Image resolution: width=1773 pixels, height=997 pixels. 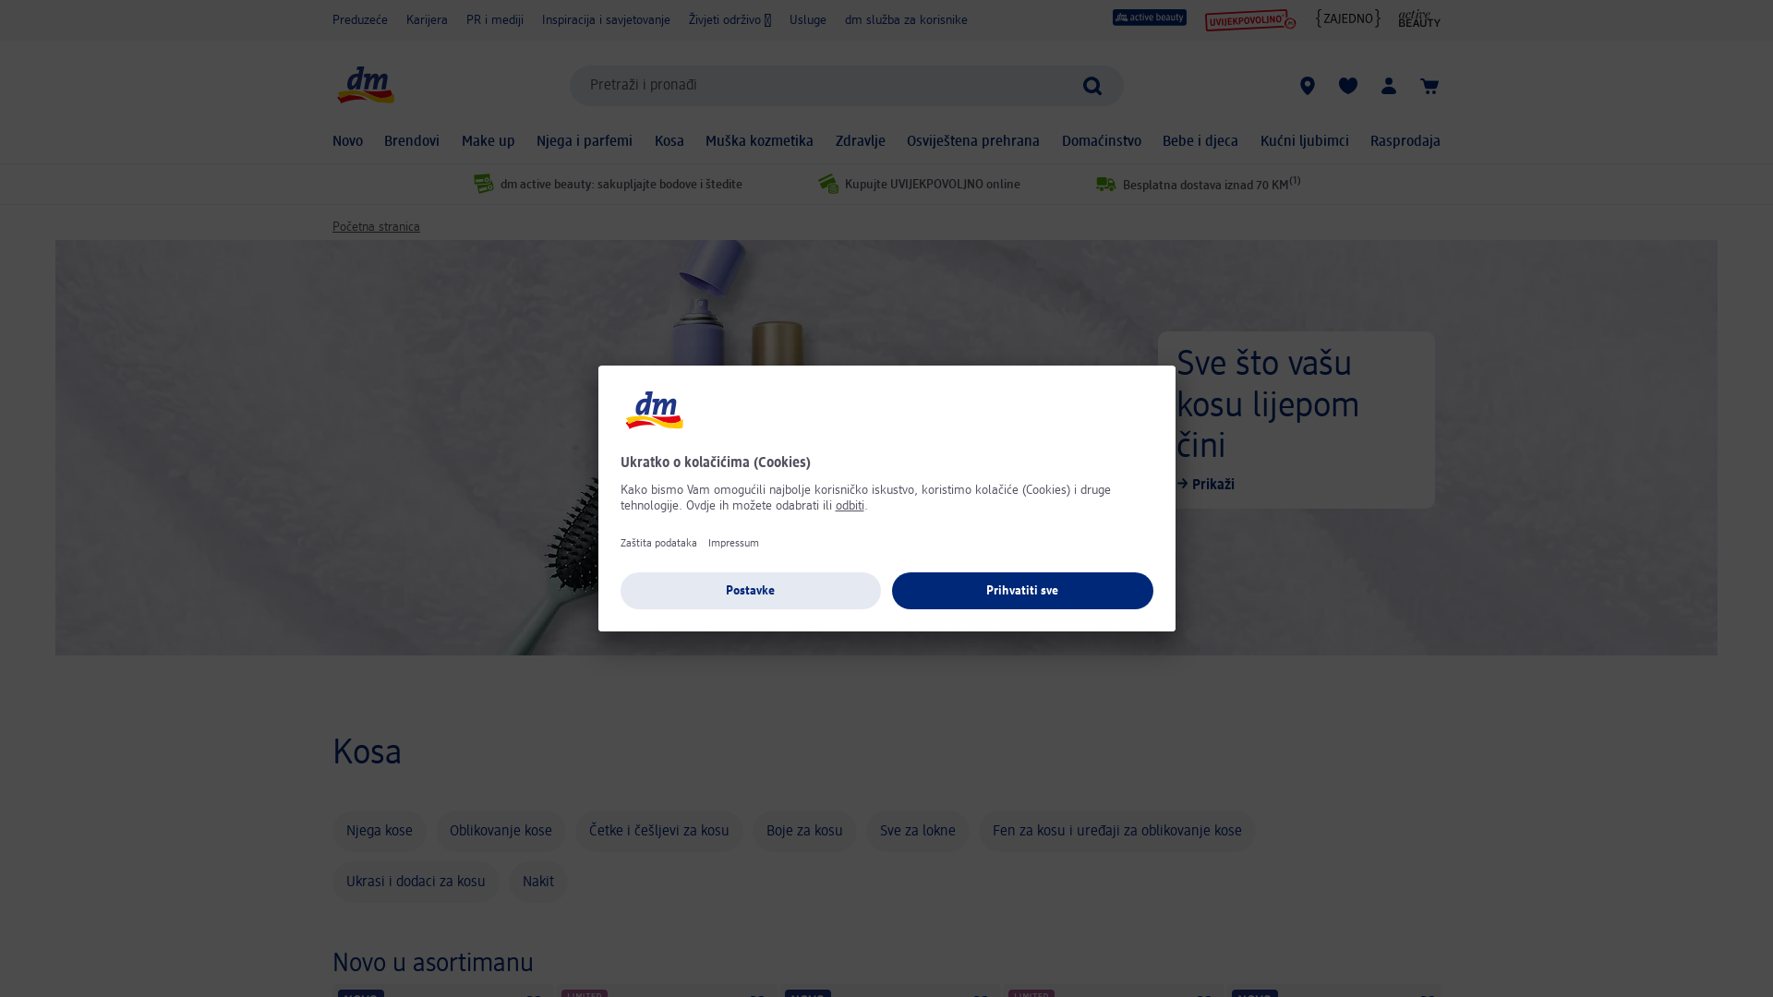 I want to click on 'Pokreni pretragu', so click(x=1102, y=85).